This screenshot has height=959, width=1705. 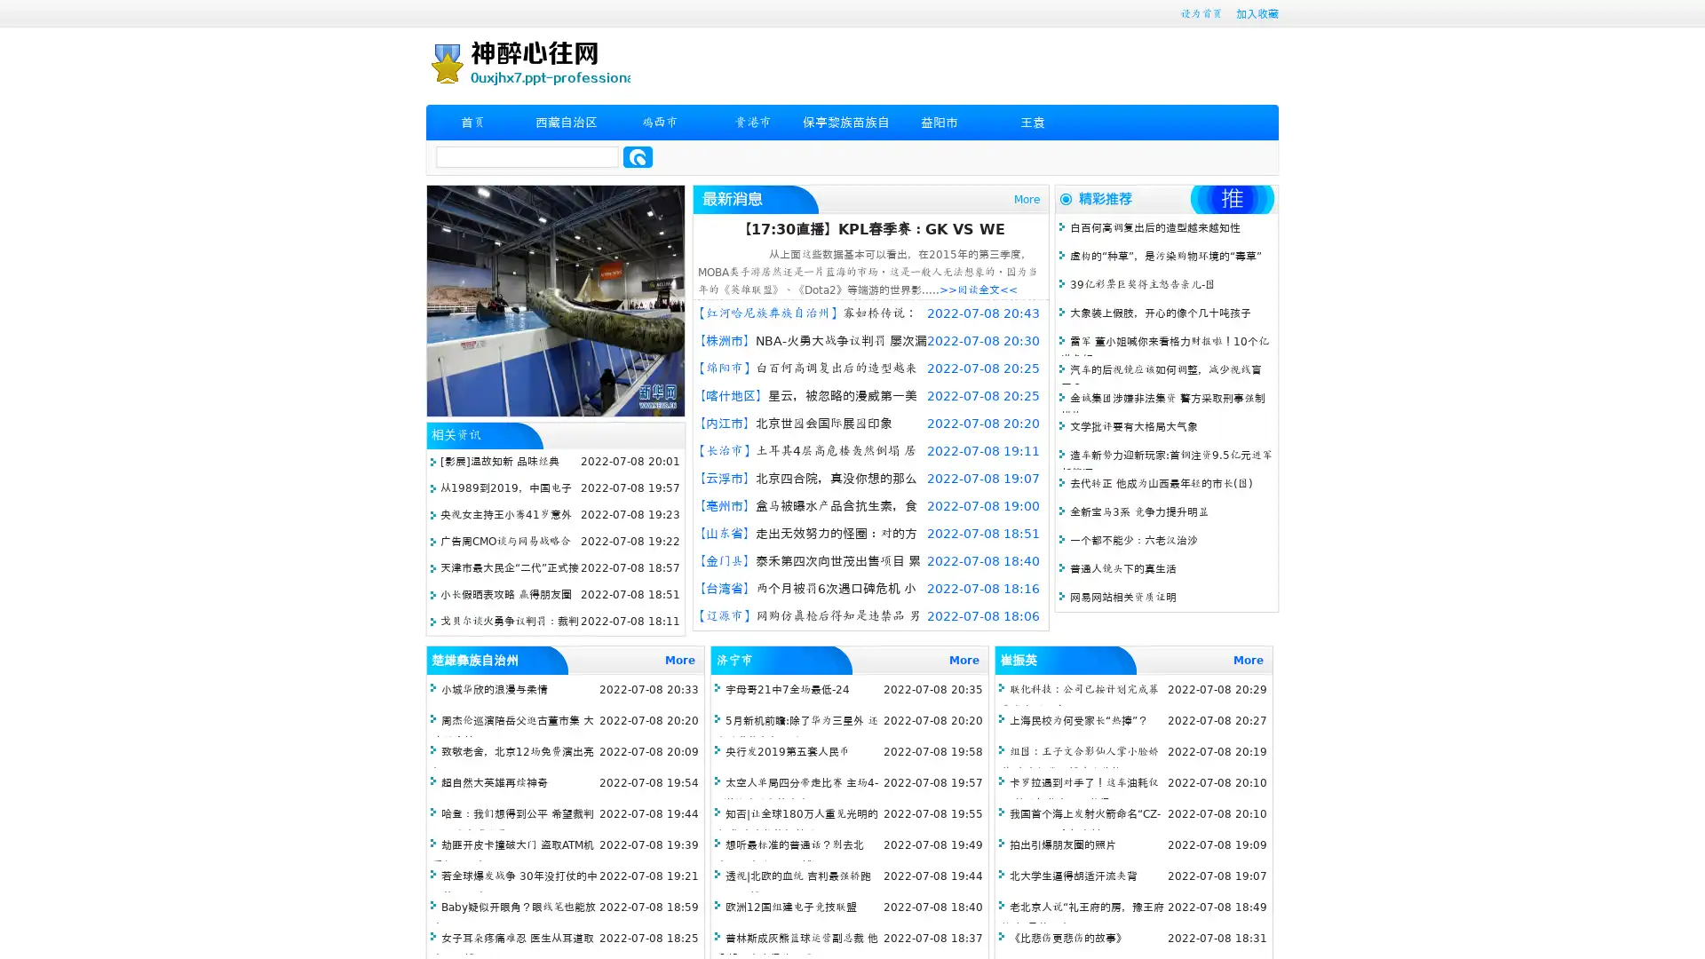 I want to click on Search, so click(x=638, y=156).